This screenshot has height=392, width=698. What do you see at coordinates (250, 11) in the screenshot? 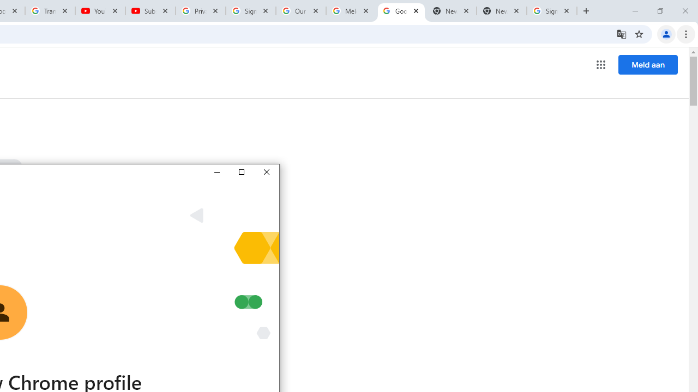
I see `'Sign in - Google Accounts'` at bounding box center [250, 11].